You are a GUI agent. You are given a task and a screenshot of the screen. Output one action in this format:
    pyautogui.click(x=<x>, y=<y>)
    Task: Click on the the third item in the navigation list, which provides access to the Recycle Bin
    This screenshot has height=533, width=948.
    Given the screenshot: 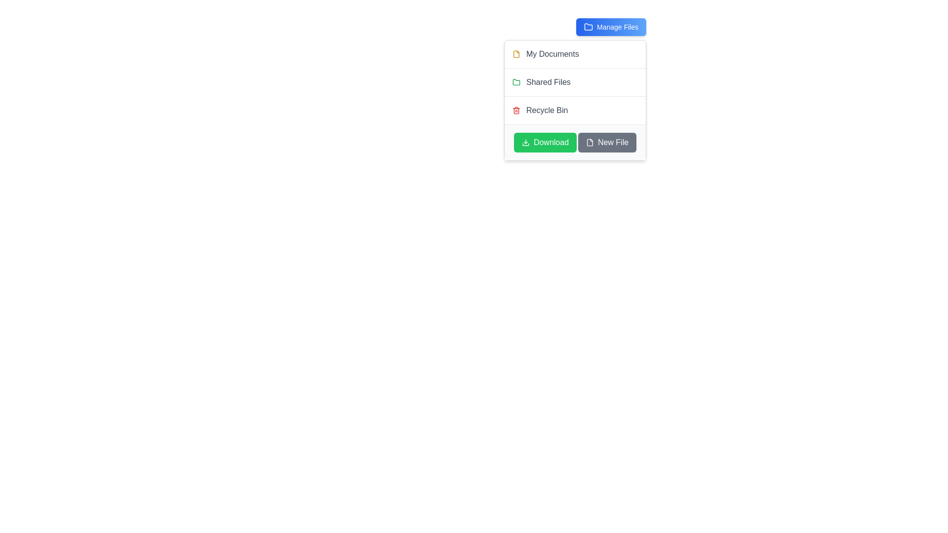 What is the action you would take?
    pyautogui.click(x=575, y=110)
    